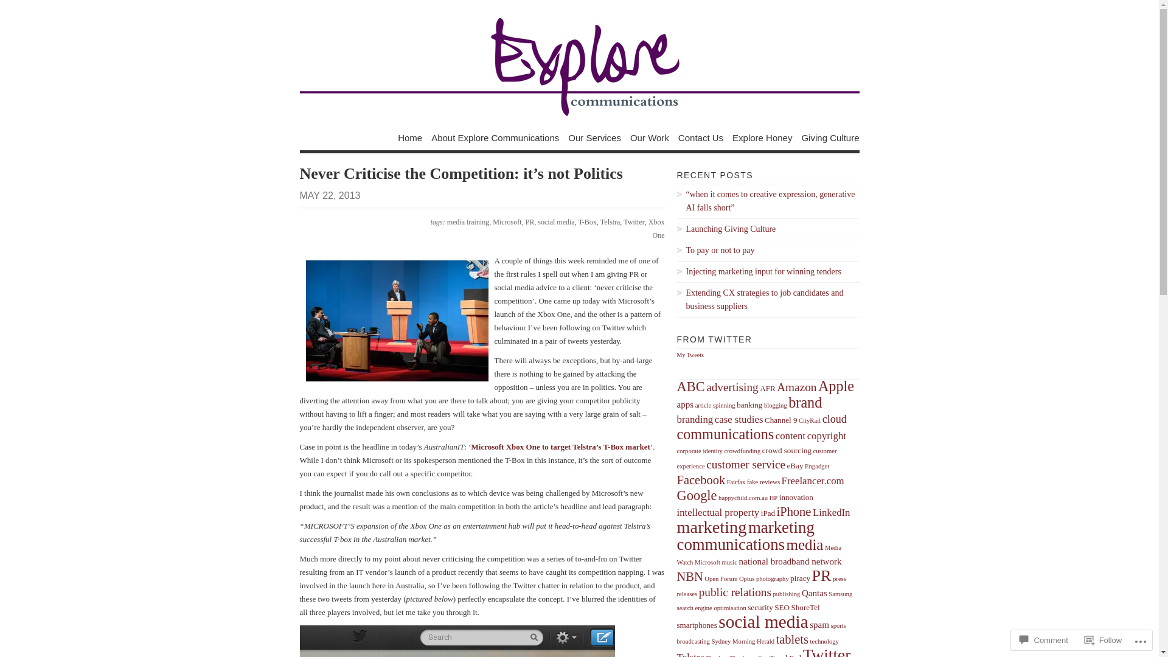 The width and height of the screenshot is (1168, 657). What do you see at coordinates (767, 388) in the screenshot?
I see `'AFR'` at bounding box center [767, 388].